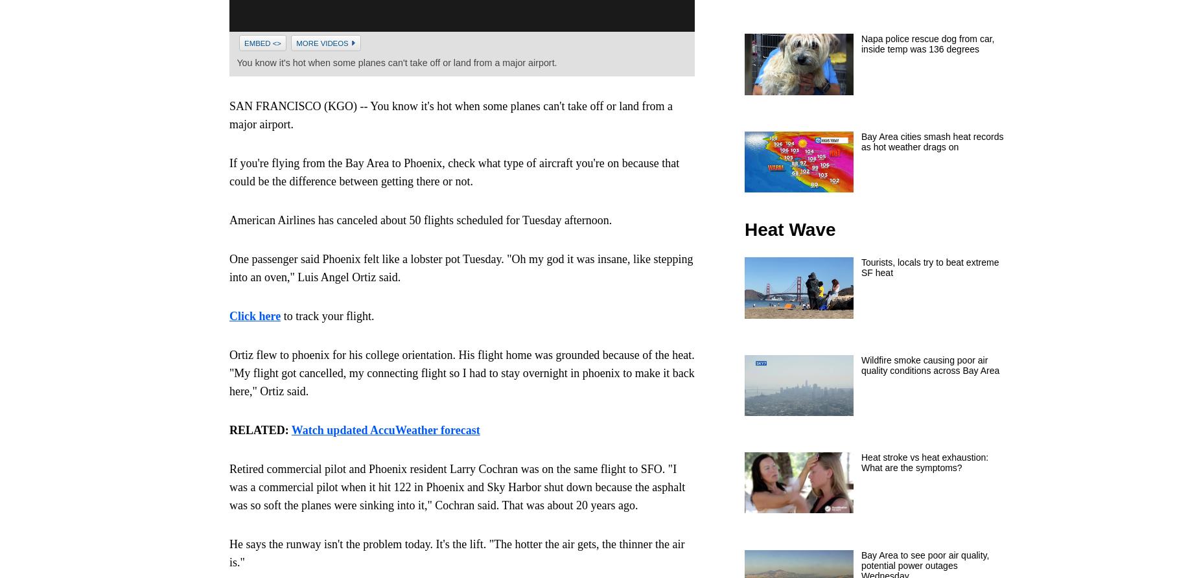  I want to click on 'RELATED:', so click(259, 430).